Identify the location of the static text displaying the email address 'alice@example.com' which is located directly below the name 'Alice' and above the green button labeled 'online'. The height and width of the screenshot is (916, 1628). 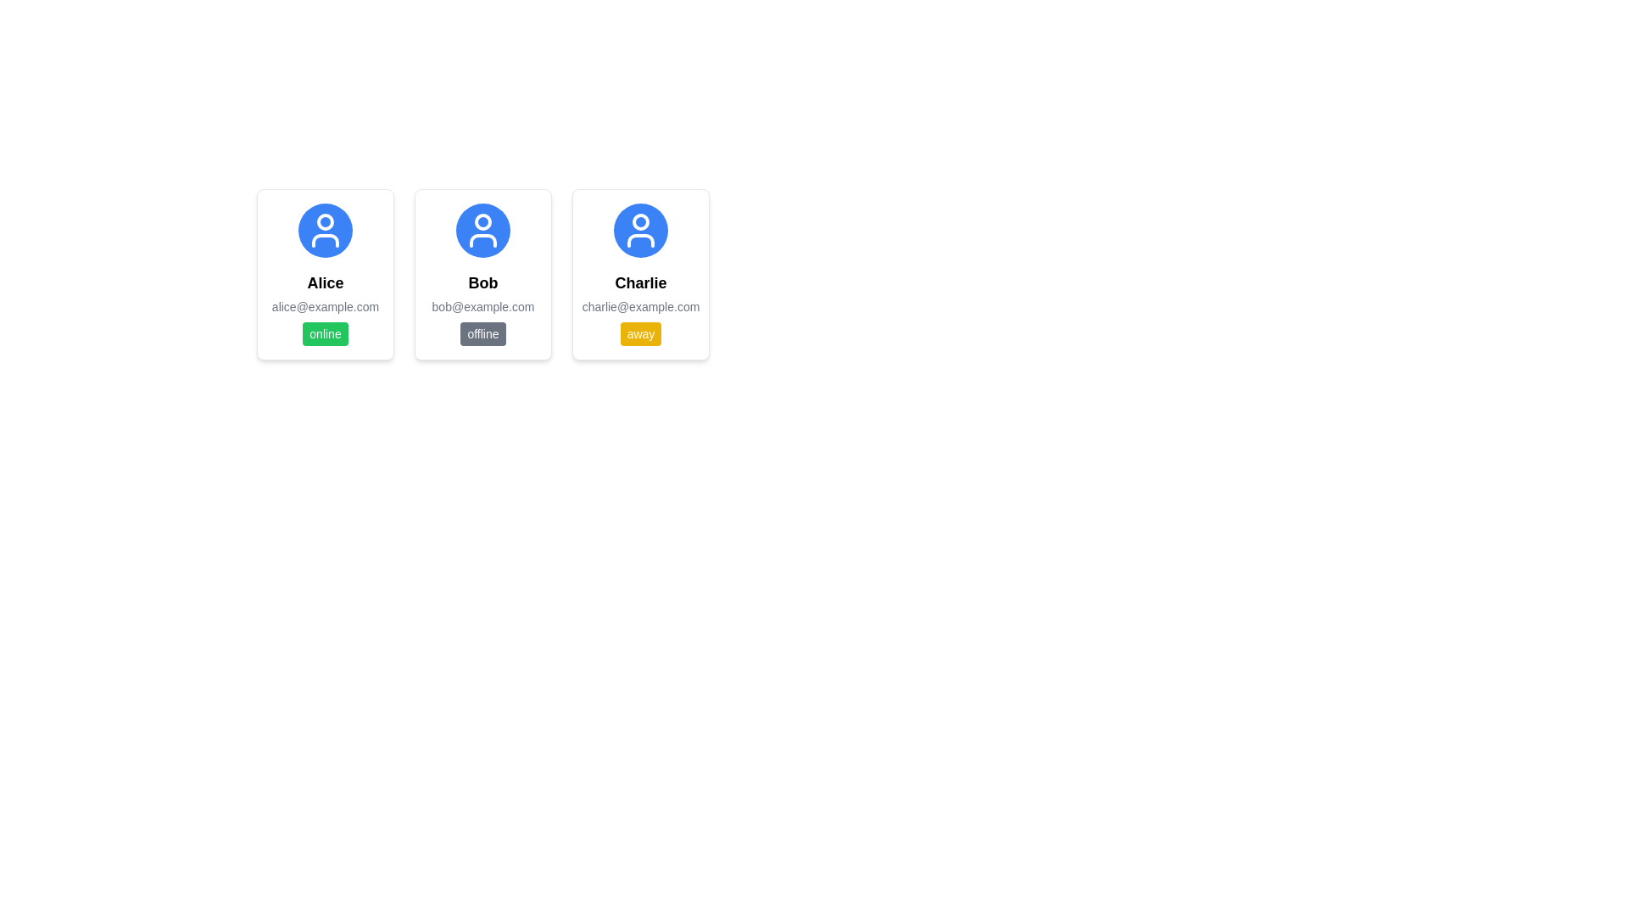
(326, 307).